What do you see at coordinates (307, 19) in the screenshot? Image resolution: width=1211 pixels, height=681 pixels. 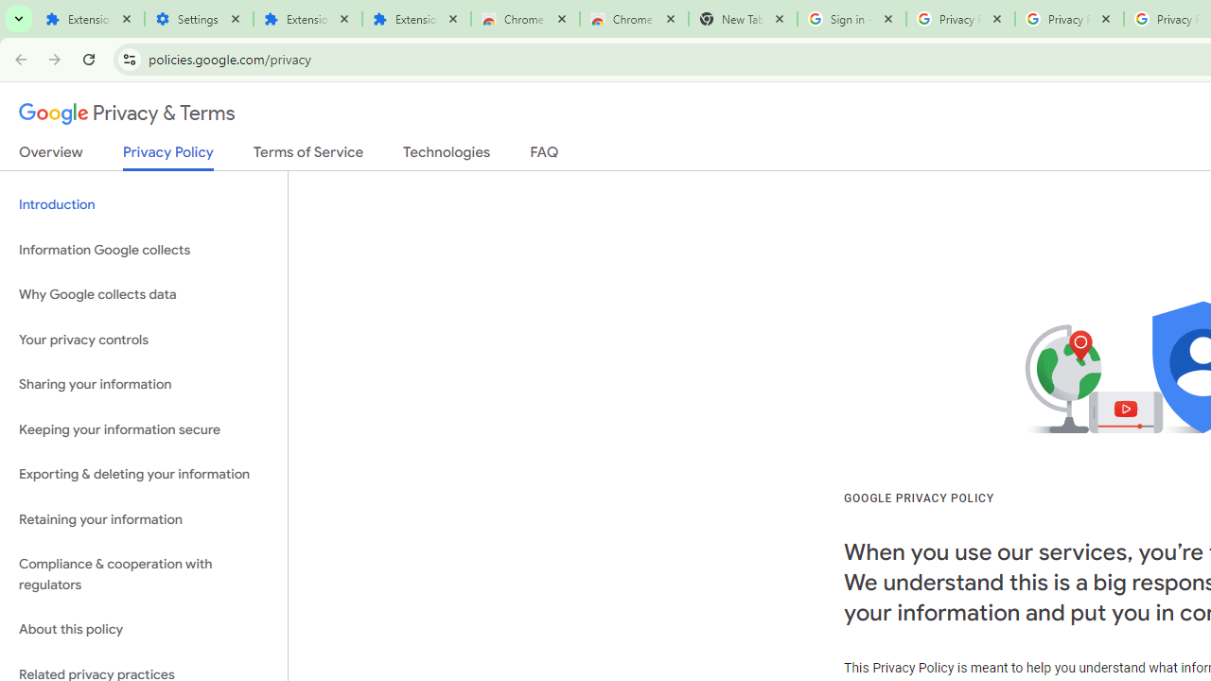 I see `'Extensions'` at bounding box center [307, 19].